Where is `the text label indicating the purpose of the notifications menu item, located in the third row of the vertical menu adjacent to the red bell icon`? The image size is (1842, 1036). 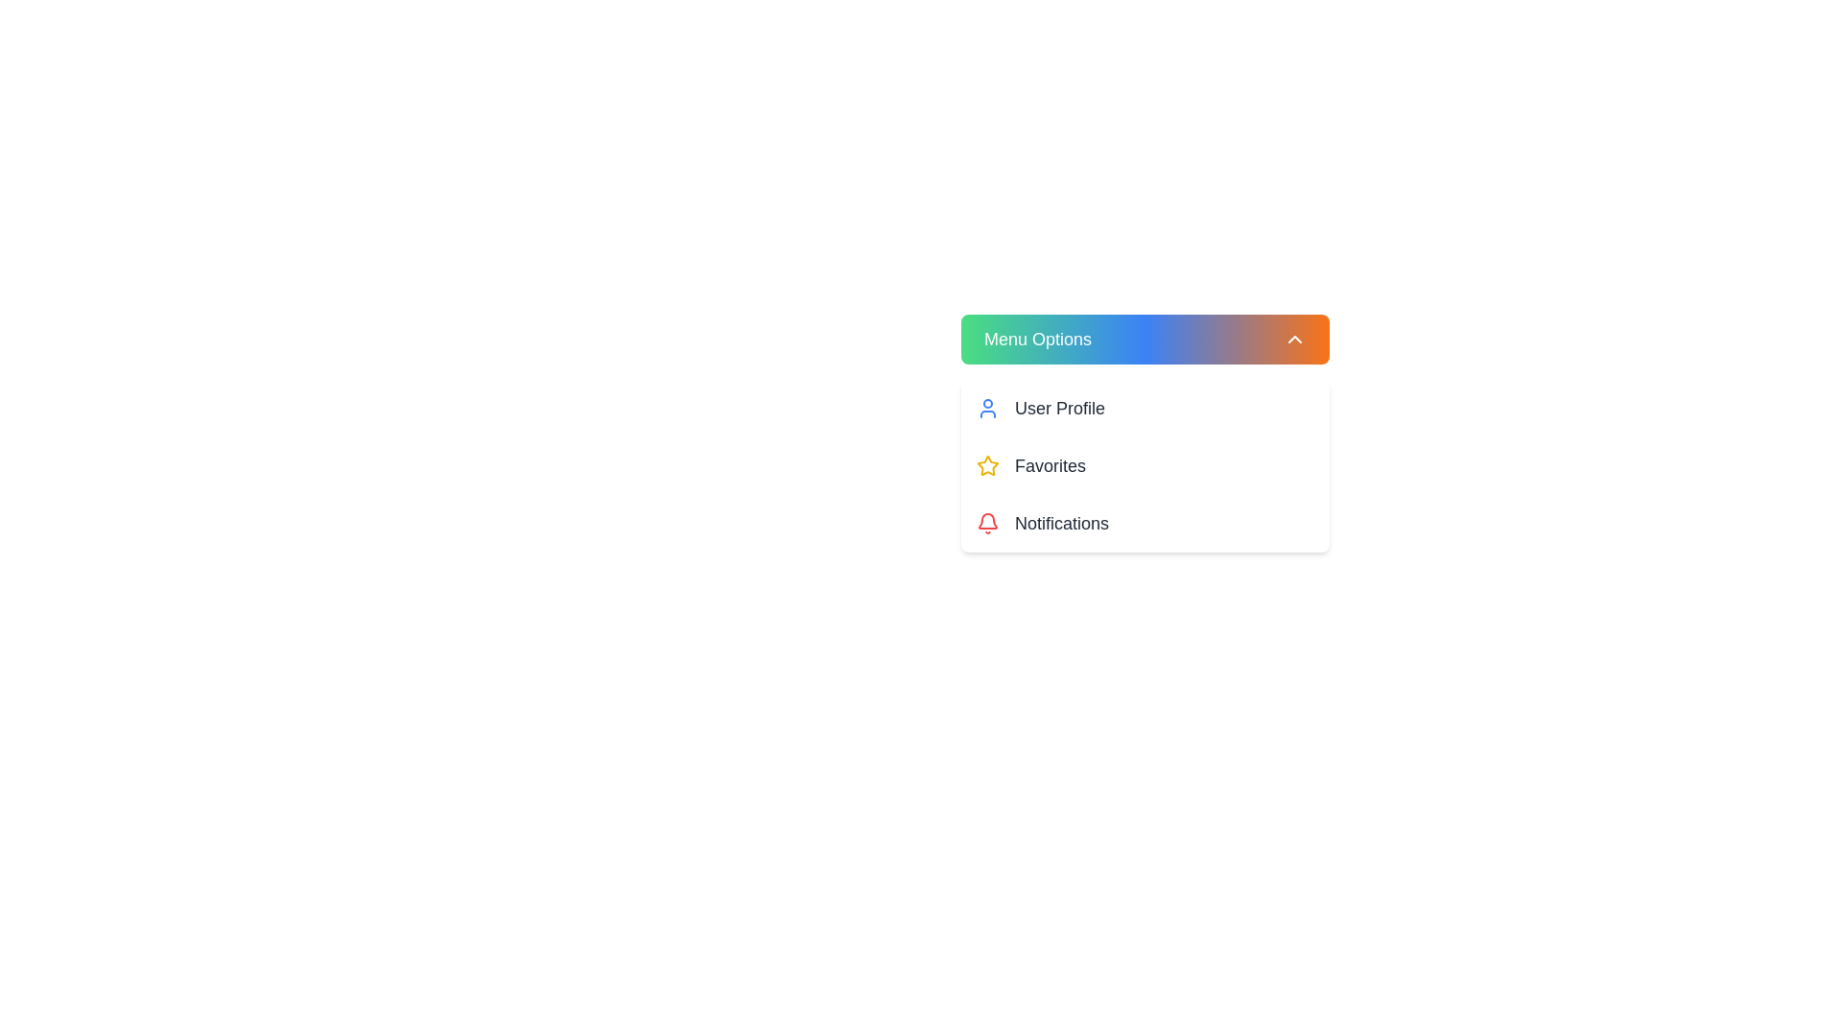
the text label indicating the purpose of the notifications menu item, located in the third row of the vertical menu adjacent to the red bell icon is located at coordinates (1061, 524).